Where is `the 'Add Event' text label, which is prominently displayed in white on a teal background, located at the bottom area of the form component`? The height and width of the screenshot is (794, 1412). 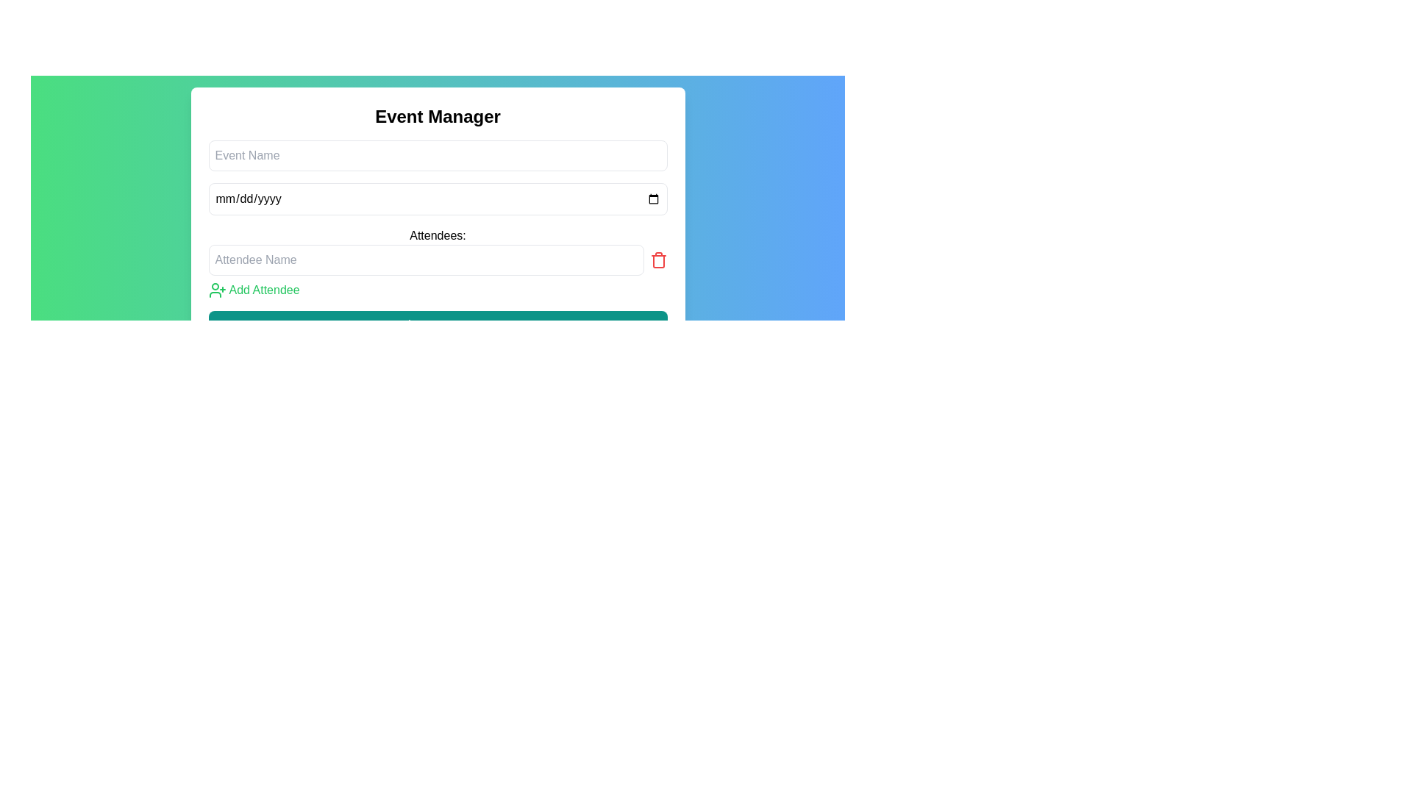 the 'Add Event' text label, which is prominently displayed in white on a teal background, located at the bottom area of the form component is located at coordinates (447, 325).